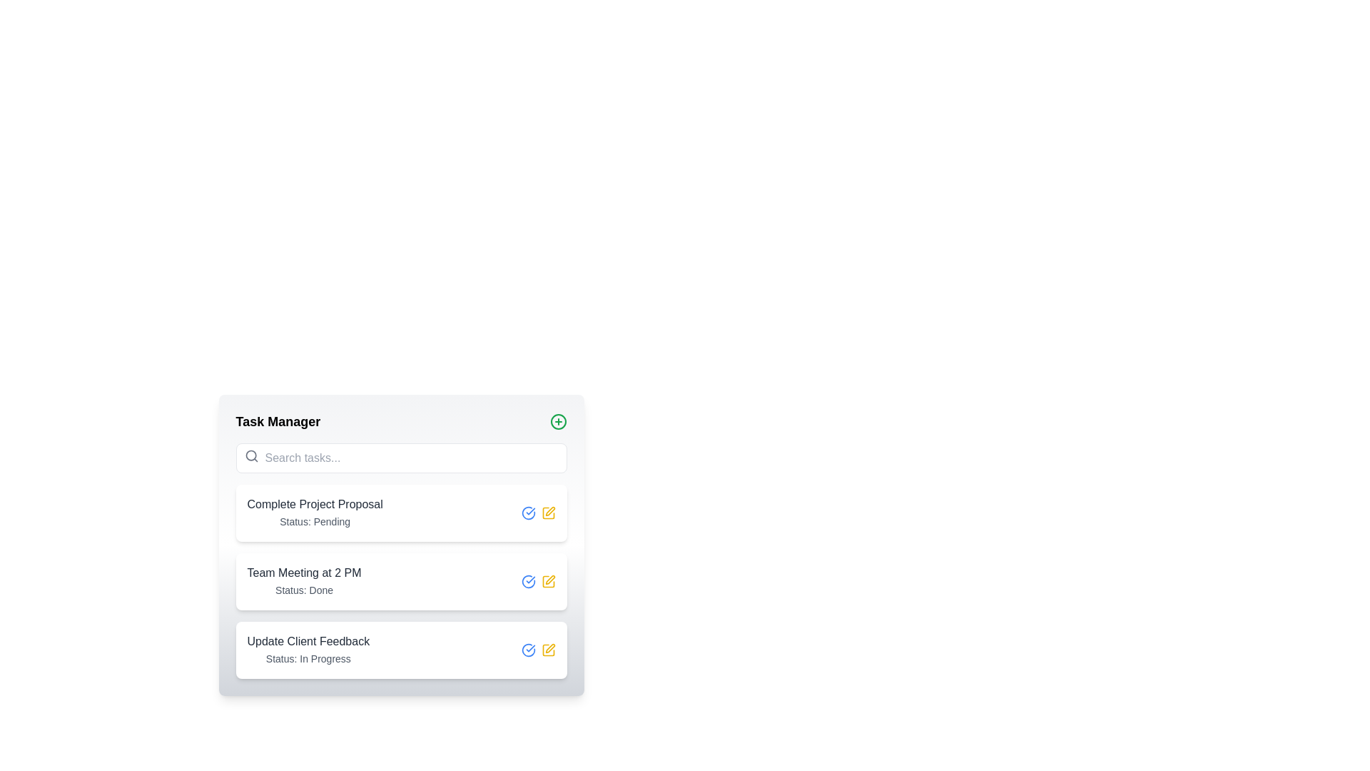 This screenshot has width=1370, height=771. Describe the element at coordinates (314, 512) in the screenshot. I see `the text block that presents details about the specific task, including its title and completion status, located in the first task item under the 'Task Manager' heading` at that location.